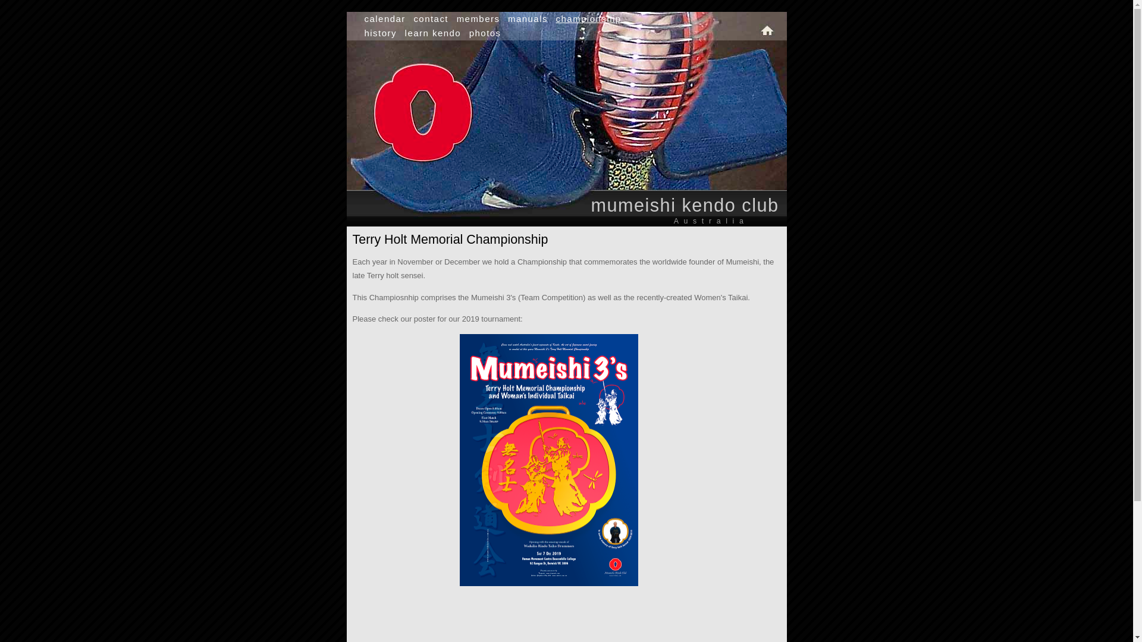 The width and height of the screenshot is (1142, 642). Describe the element at coordinates (363, 32) in the screenshot. I see `'history'` at that location.